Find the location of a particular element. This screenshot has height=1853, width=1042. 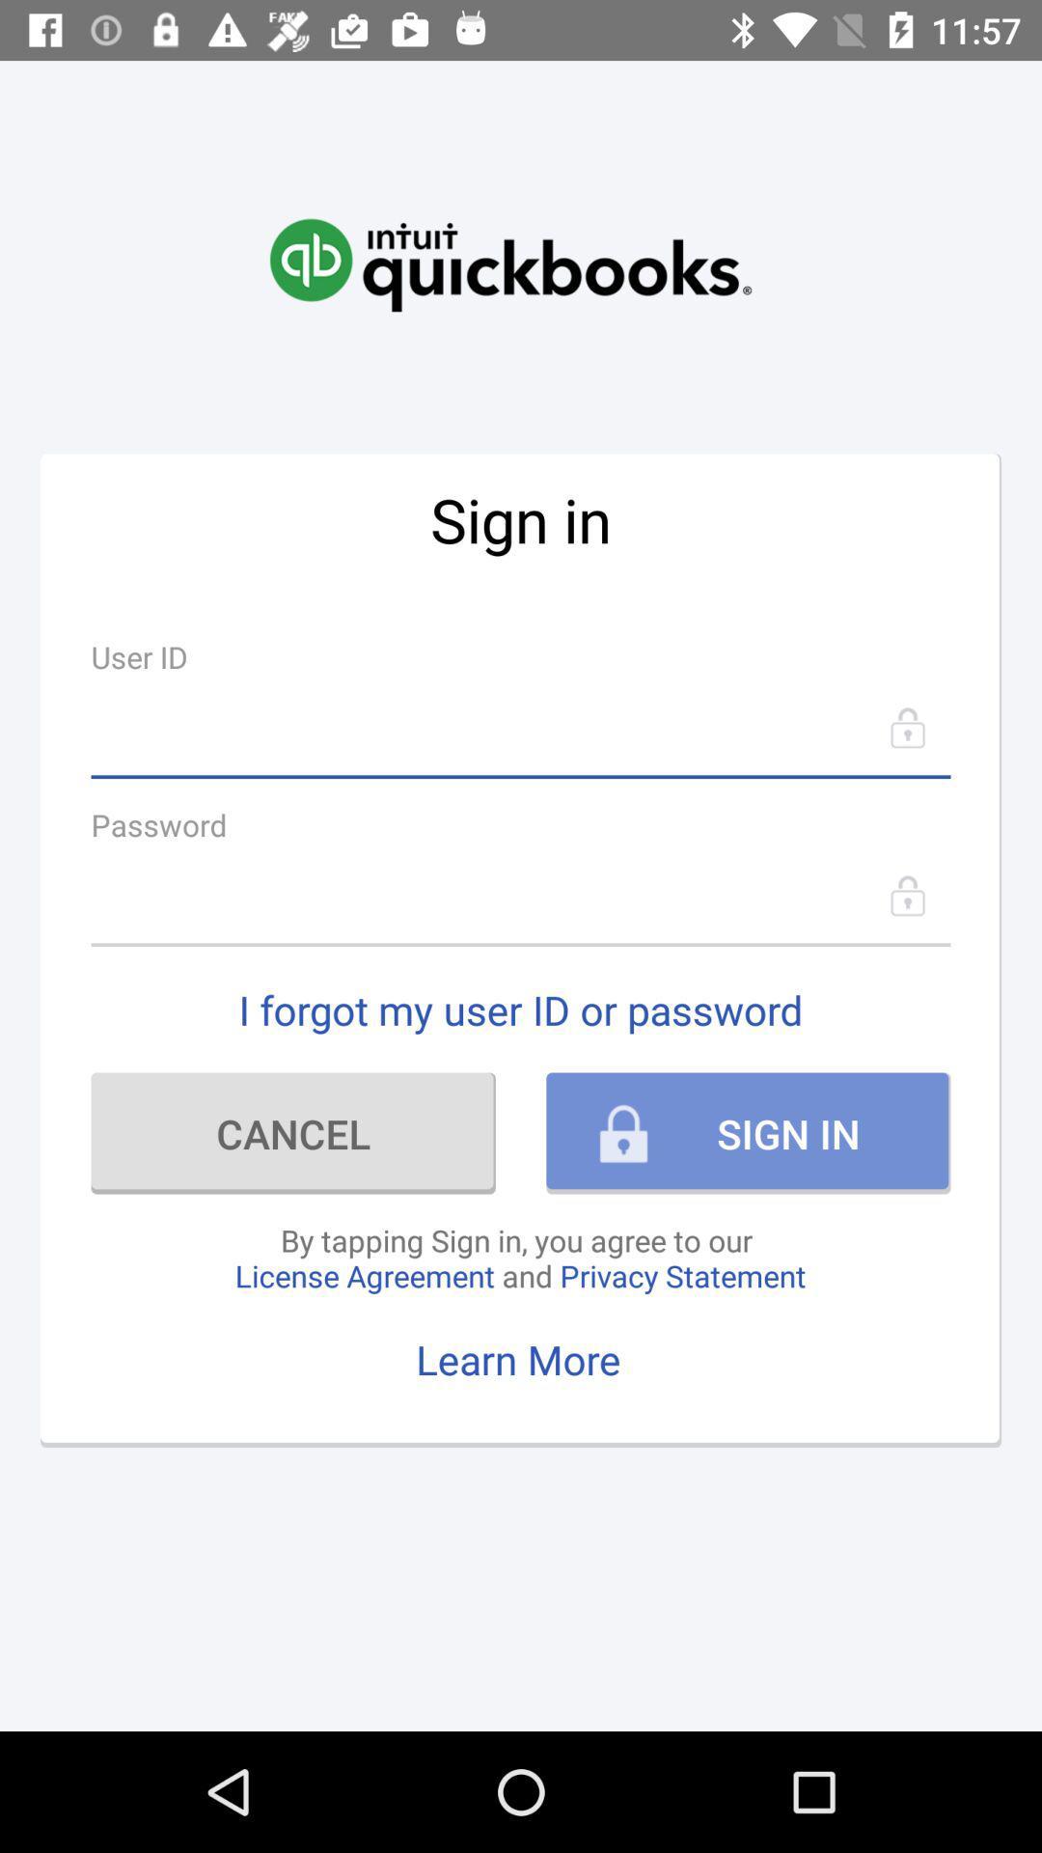

user id option is located at coordinates (521, 727).